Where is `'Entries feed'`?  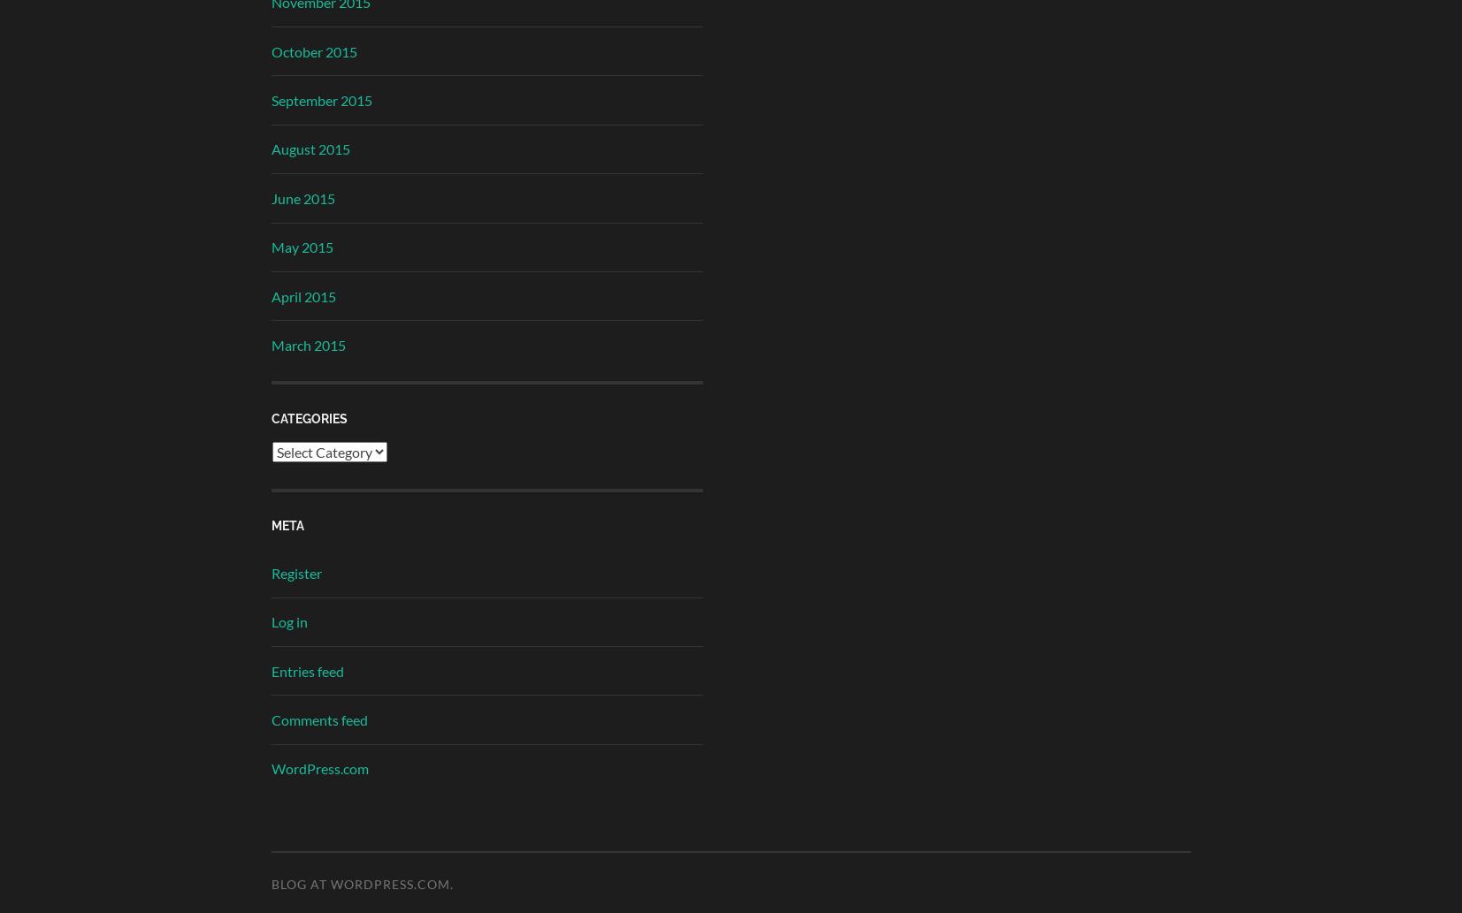 'Entries feed' is located at coordinates (305, 670).